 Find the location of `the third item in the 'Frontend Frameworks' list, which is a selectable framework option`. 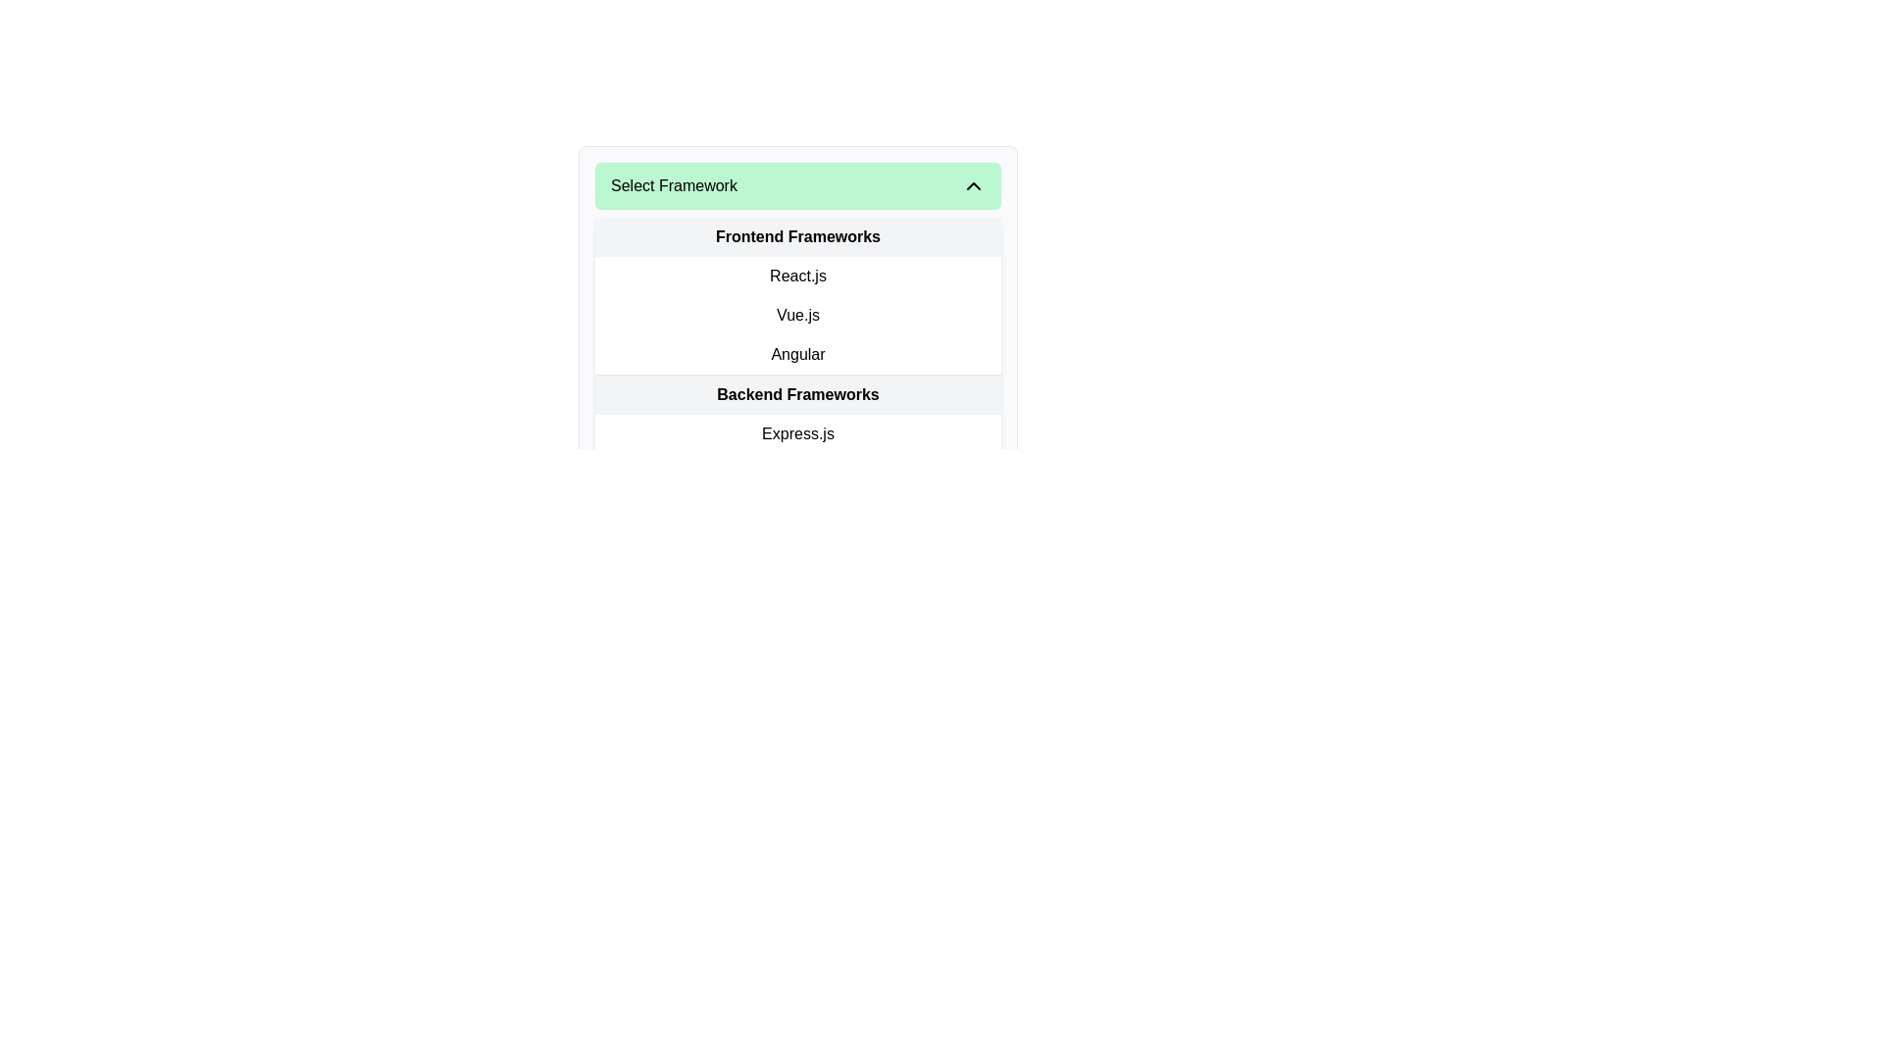

the third item in the 'Frontend Frameworks' list, which is a selectable framework option is located at coordinates (798, 355).